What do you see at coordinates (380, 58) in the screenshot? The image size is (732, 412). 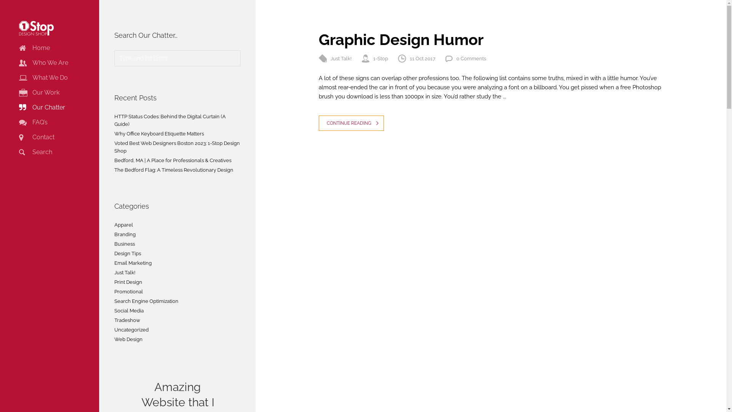 I see `'1-Stop'` at bounding box center [380, 58].